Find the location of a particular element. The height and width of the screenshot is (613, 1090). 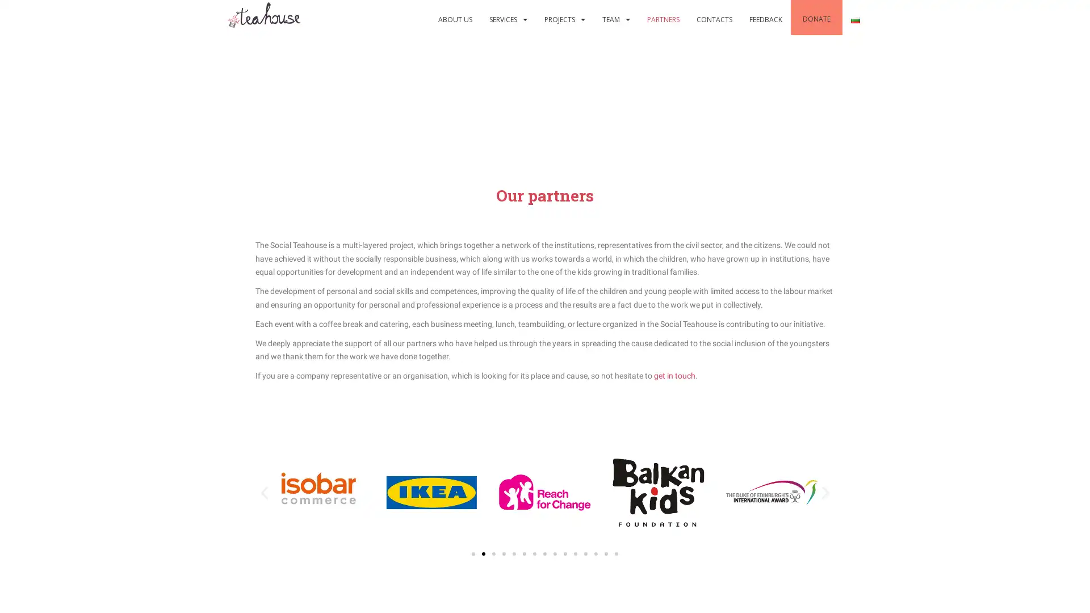

Go to slide 15 is located at coordinates (615, 553).